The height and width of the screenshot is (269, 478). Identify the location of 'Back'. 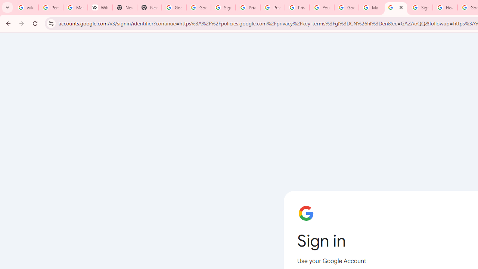
(7, 23).